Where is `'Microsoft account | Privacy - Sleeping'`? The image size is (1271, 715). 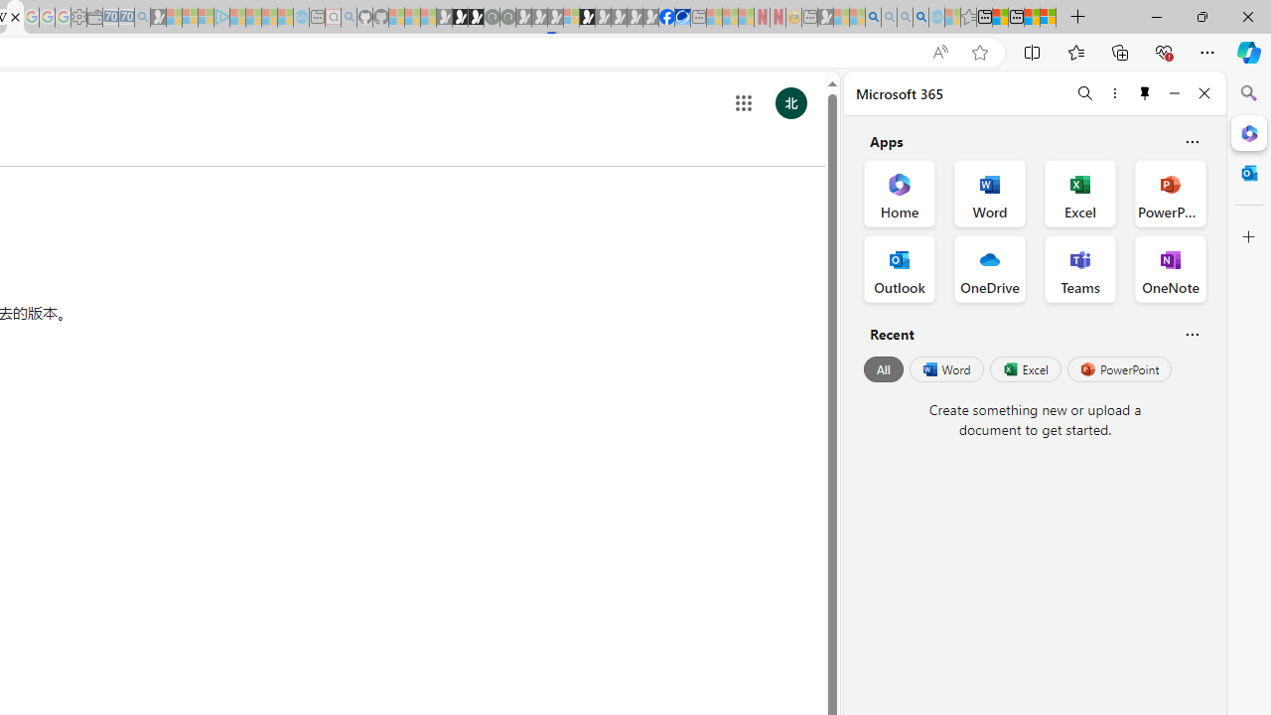
'Microsoft account | Privacy - Sleeping' is located at coordinates (206, 17).